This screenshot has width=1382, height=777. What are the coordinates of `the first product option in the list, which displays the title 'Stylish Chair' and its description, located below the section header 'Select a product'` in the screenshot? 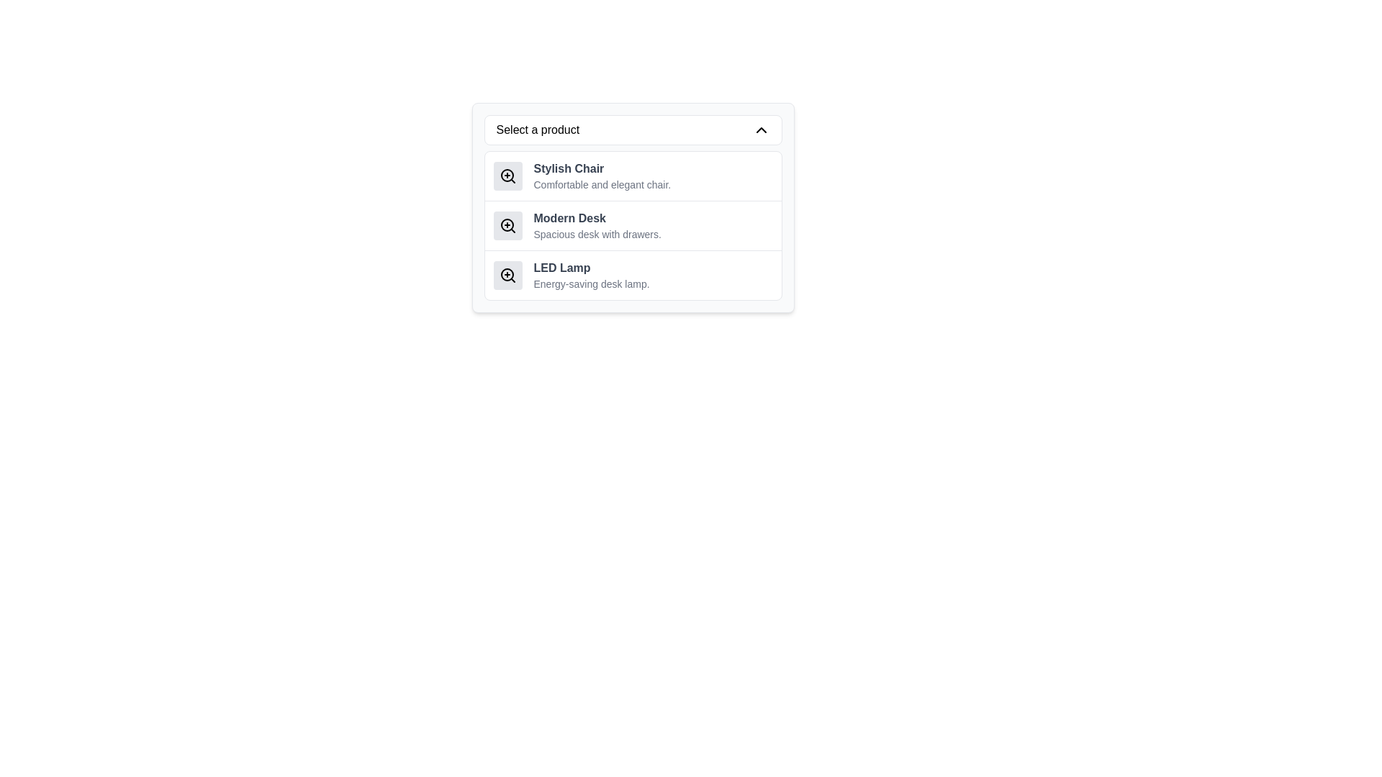 It's located at (602, 176).